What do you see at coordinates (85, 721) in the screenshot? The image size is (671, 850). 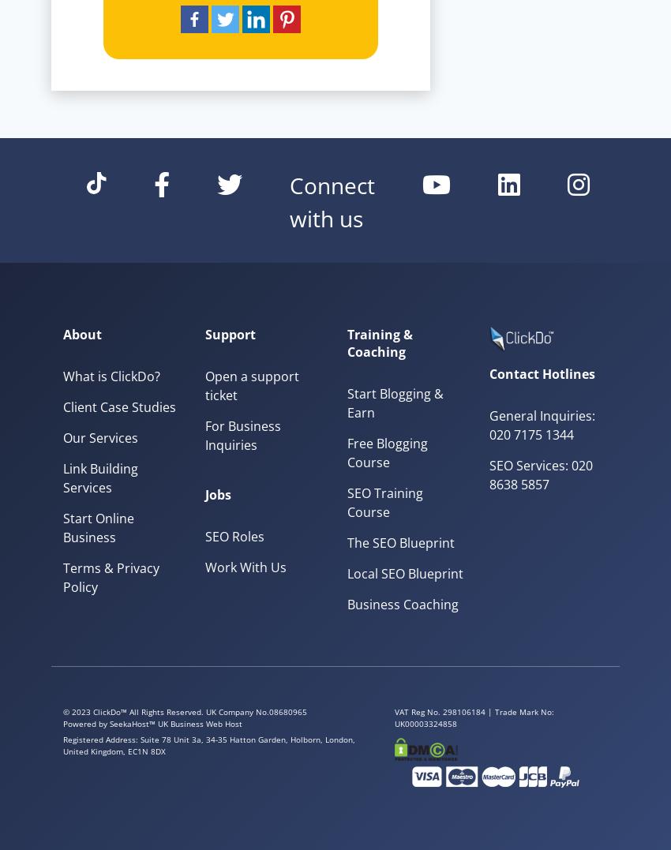 I see `'Powered by'` at bounding box center [85, 721].